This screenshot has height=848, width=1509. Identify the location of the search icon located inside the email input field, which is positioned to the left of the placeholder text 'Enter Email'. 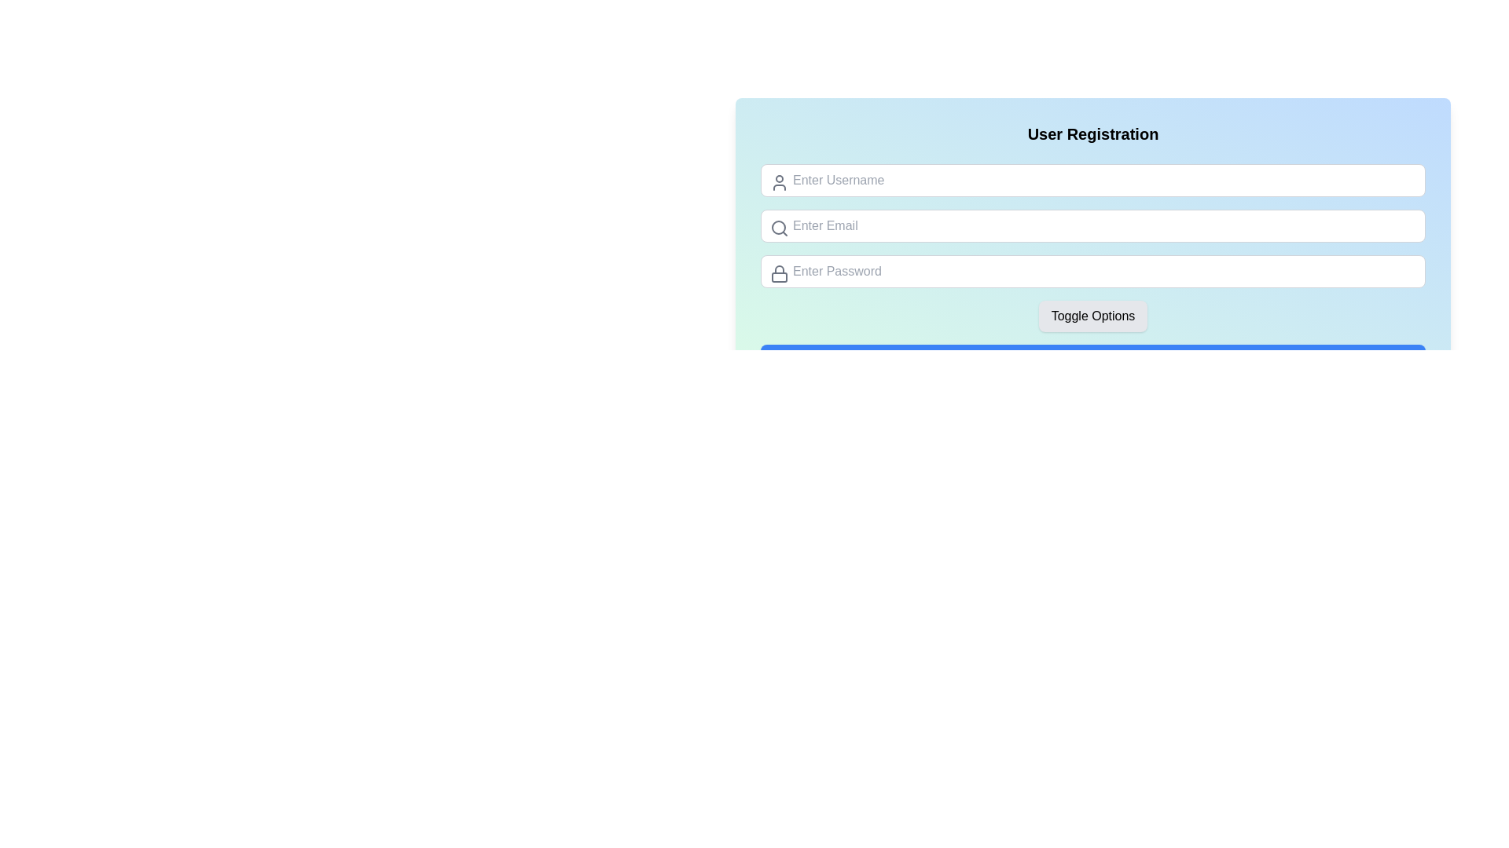
(780, 228).